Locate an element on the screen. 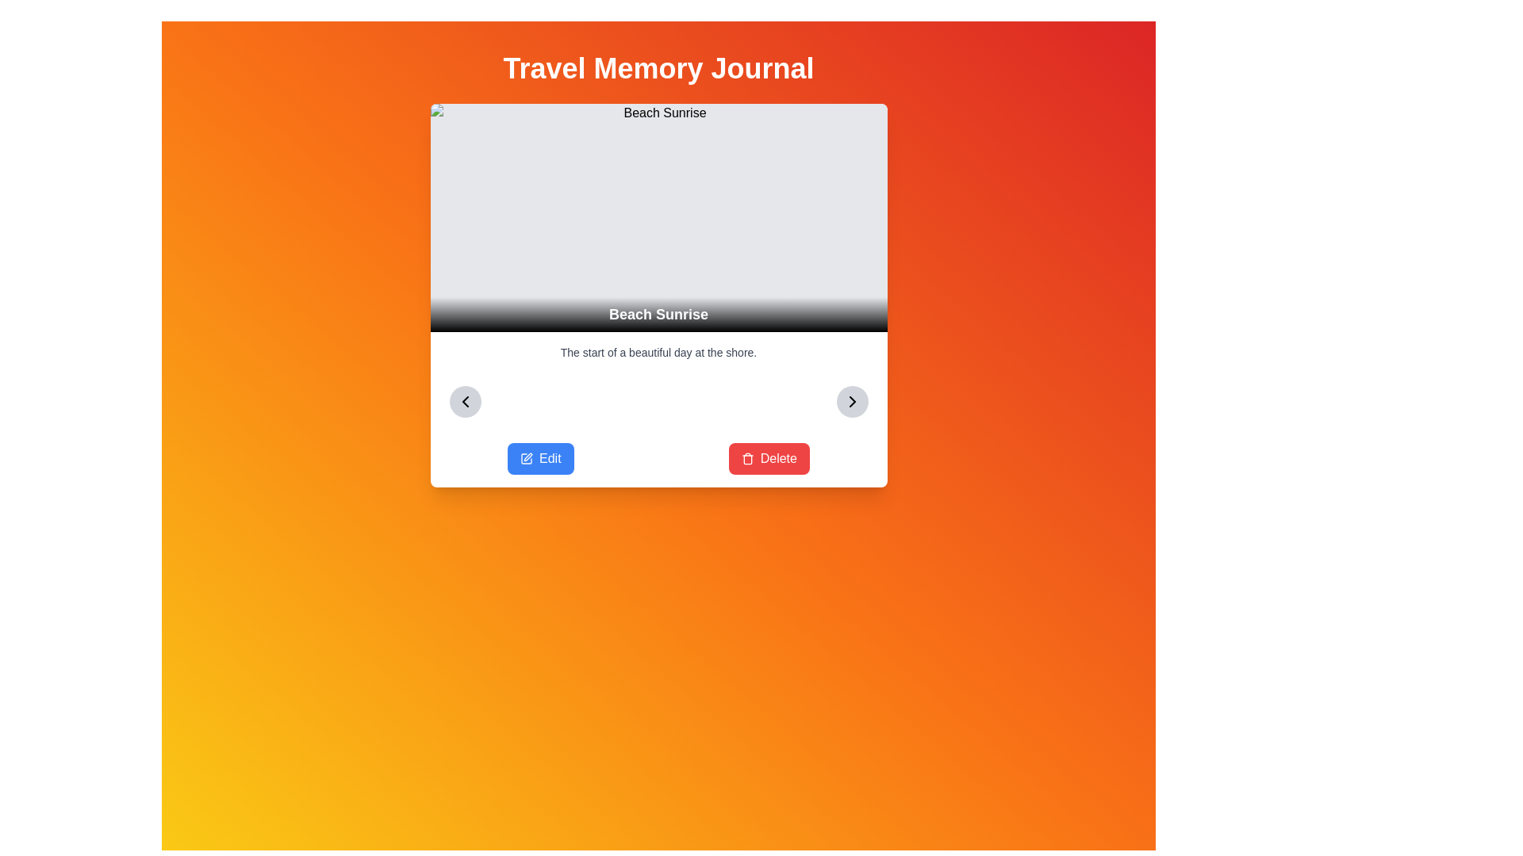  the delete button located at the bottom of the card, which is the second button from the left, to change its background color is located at coordinates (769, 458).